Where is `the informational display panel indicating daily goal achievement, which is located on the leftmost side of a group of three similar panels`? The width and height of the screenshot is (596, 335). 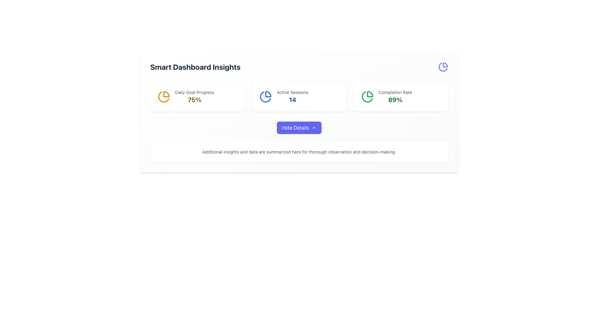 the informational display panel indicating daily goal achievement, which is located on the leftmost side of a group of three similar panels is located at coordinates (194, 97).